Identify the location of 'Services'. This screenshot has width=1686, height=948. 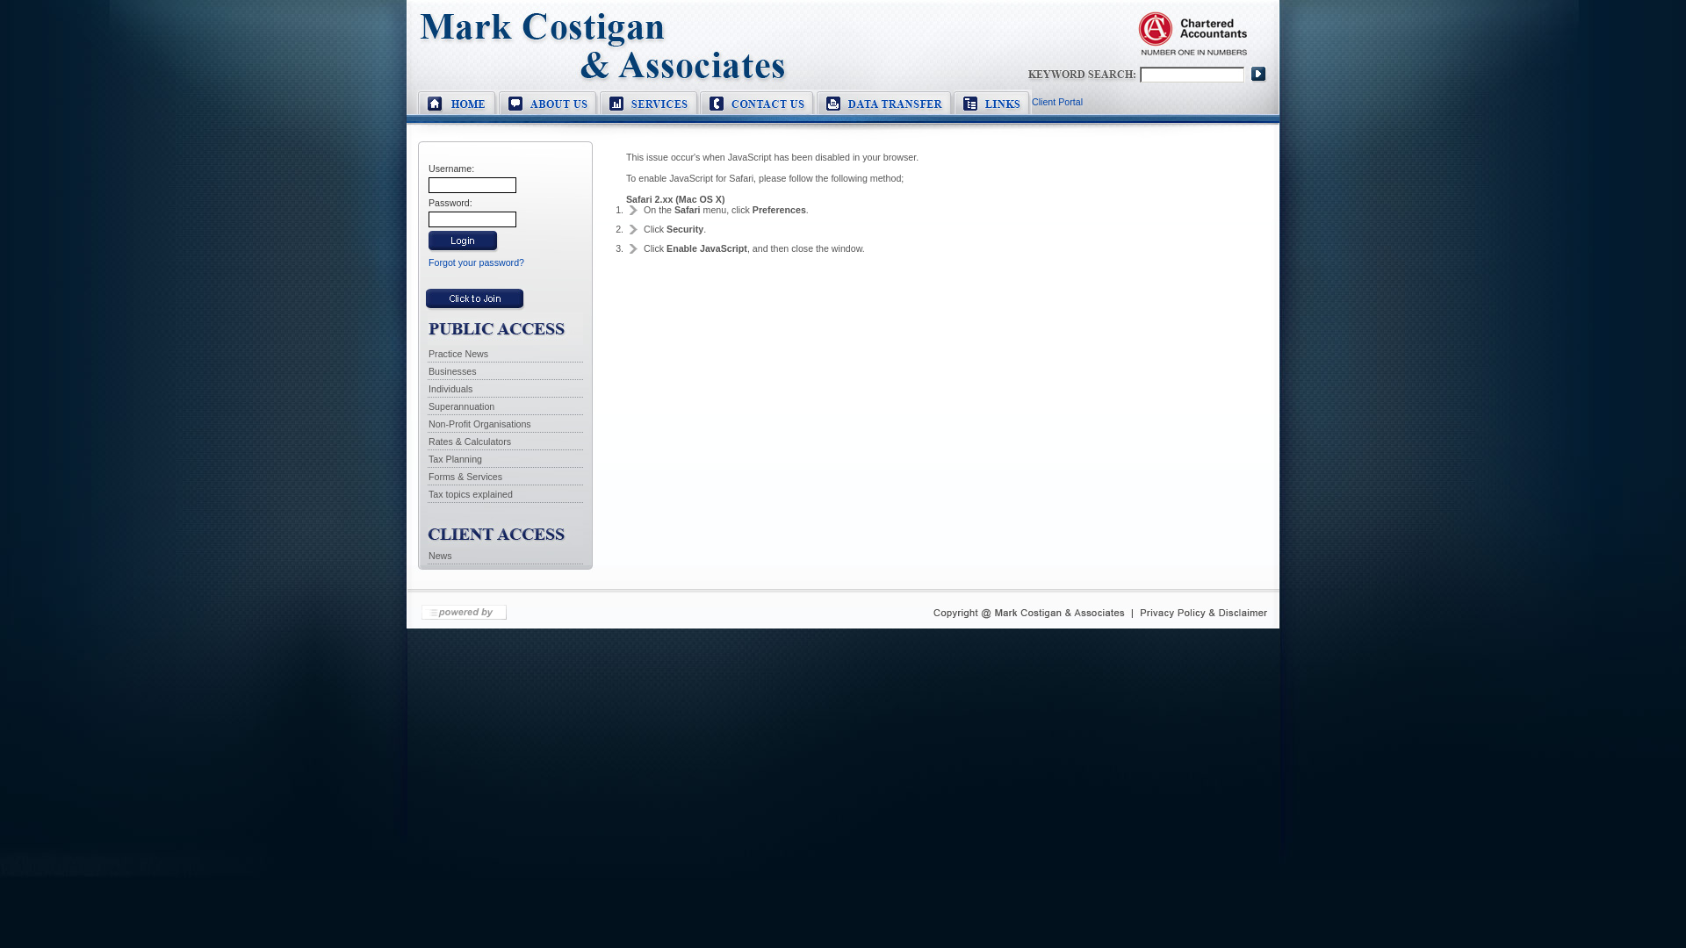
(648, 111).